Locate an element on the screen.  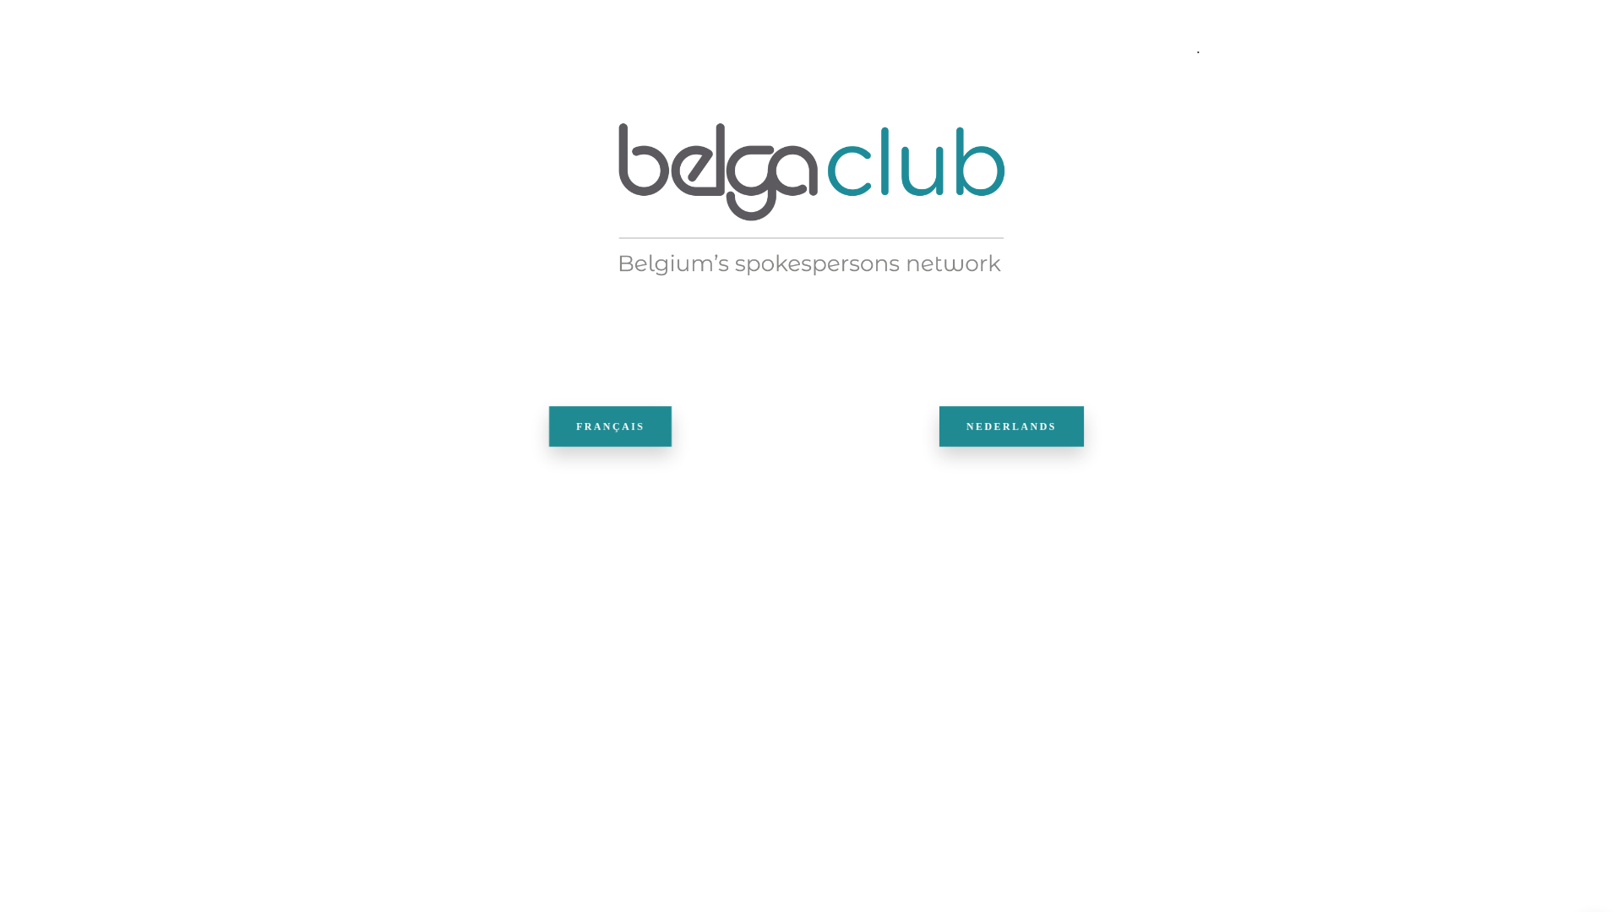
'NEDERLANDS' is located at coordinates (1011, 426).